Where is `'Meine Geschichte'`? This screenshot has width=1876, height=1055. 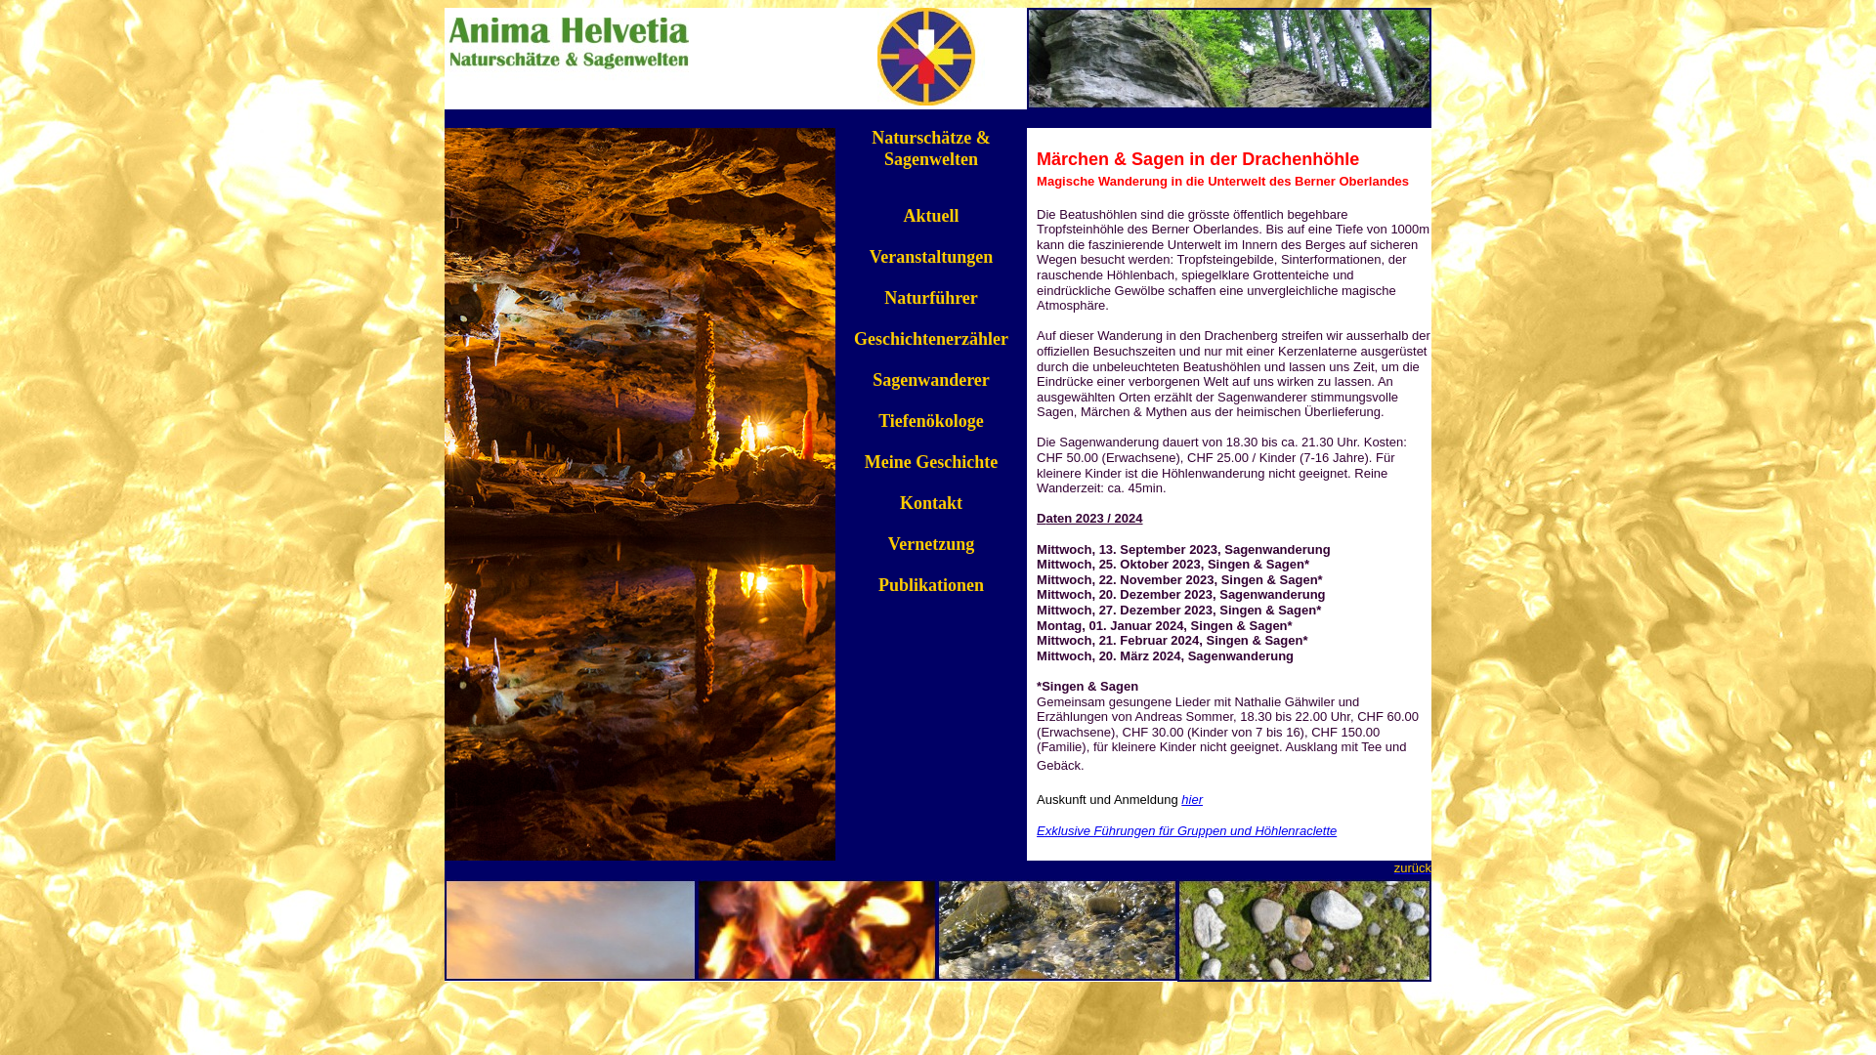
'Meine Geschichte' is located at coordinates (863, 462).